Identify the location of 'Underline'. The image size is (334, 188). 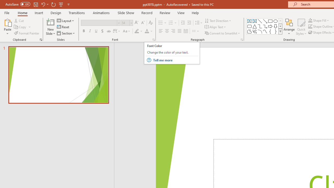
(96, 31).